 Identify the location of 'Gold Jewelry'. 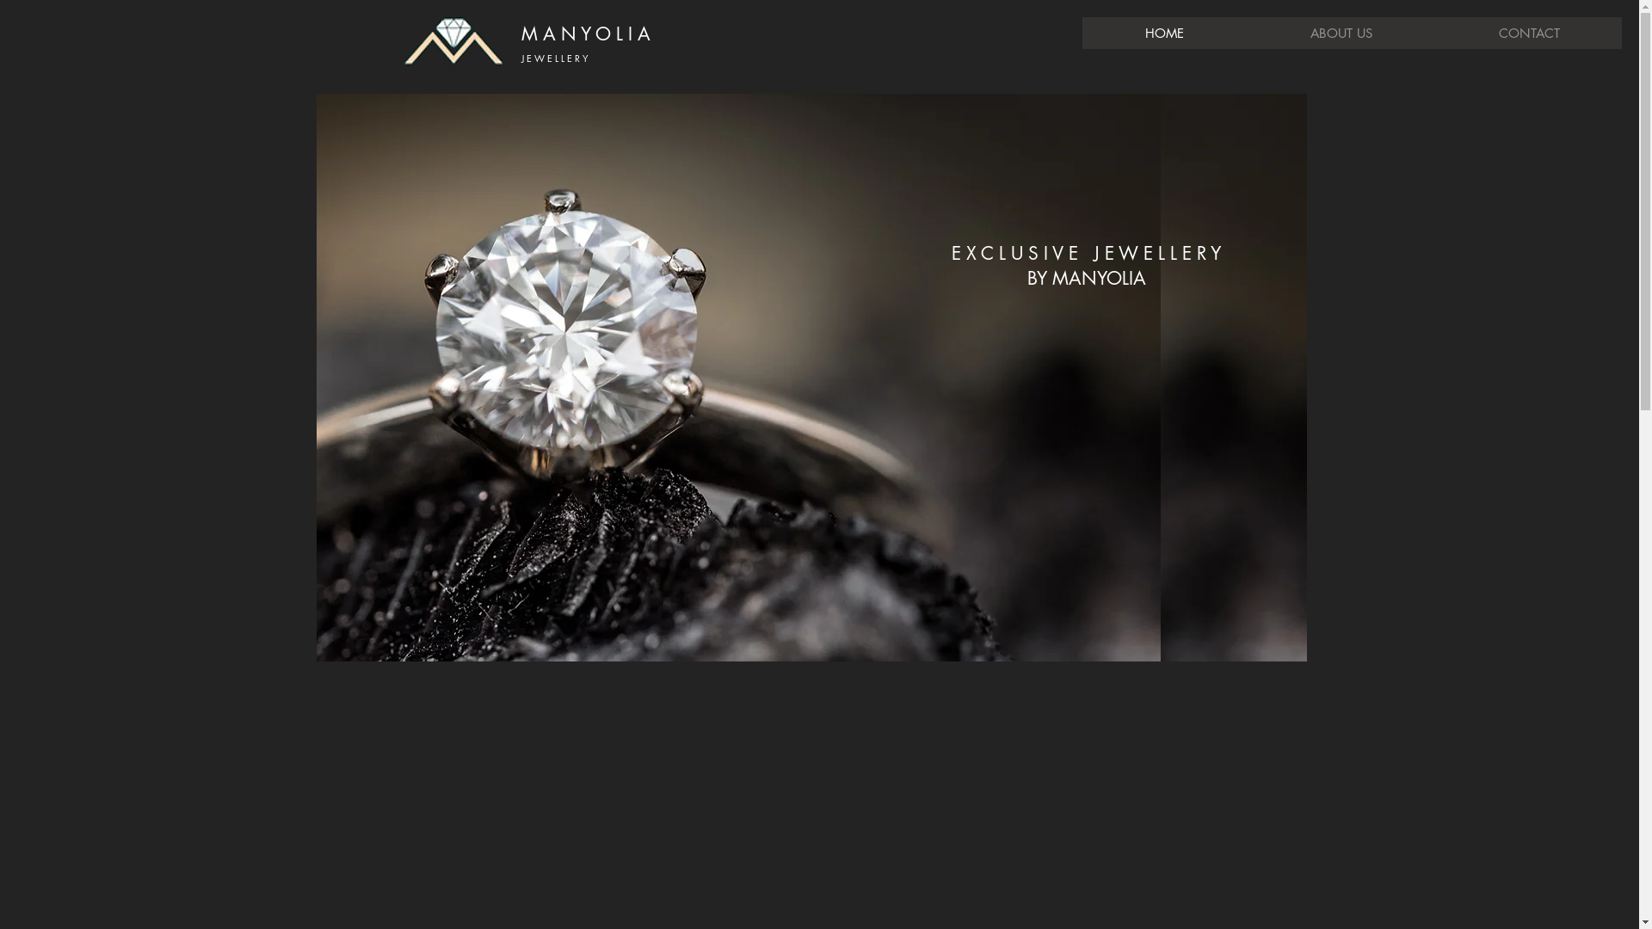
(738, 377).